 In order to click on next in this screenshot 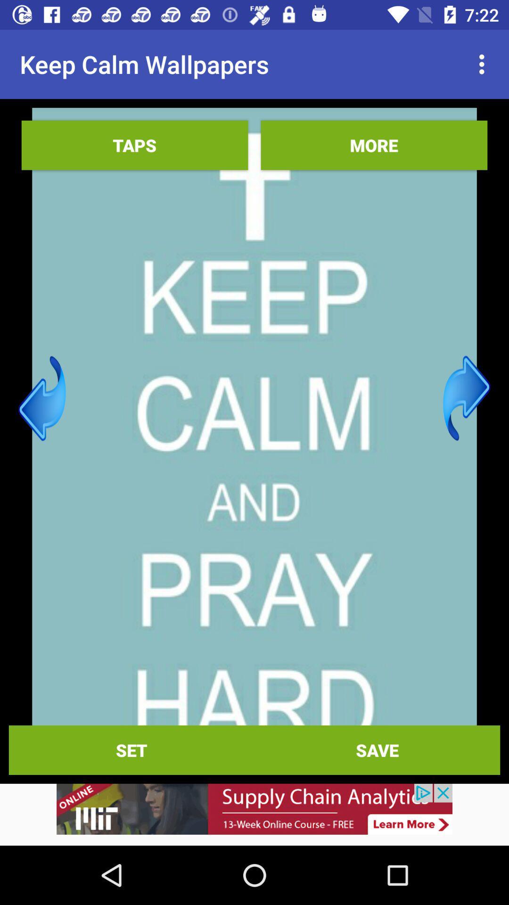, I will do `click(467, 398)`.